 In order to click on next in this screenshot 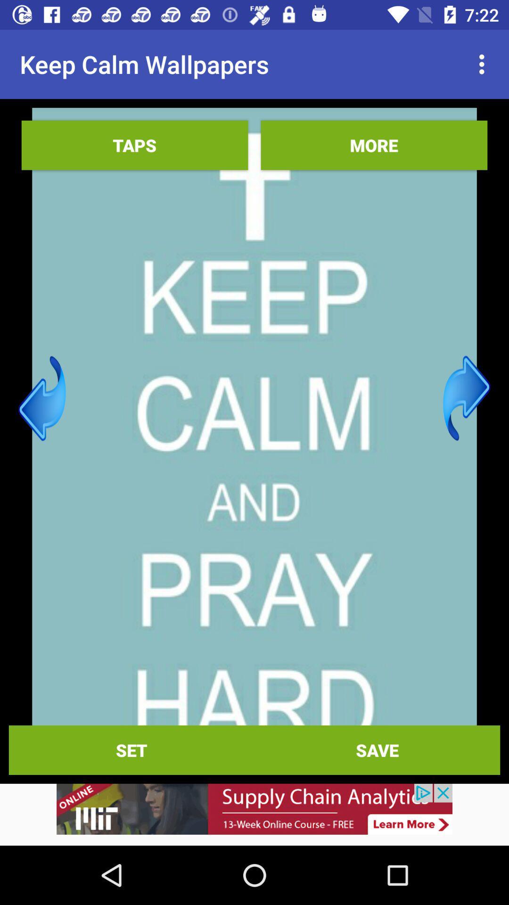, I will do `click(467, 398)`.